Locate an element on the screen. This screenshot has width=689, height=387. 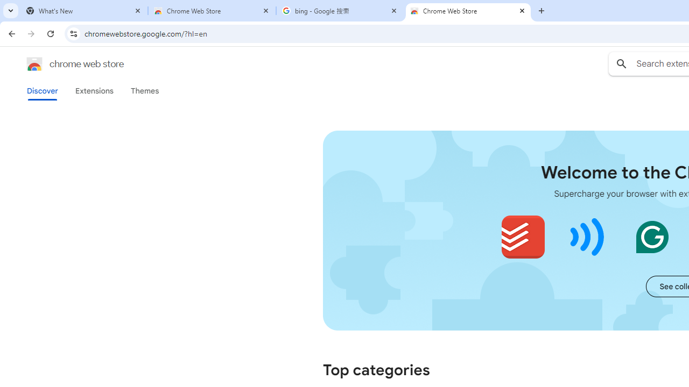
'Extensions' is located at coordinates (94, 90).